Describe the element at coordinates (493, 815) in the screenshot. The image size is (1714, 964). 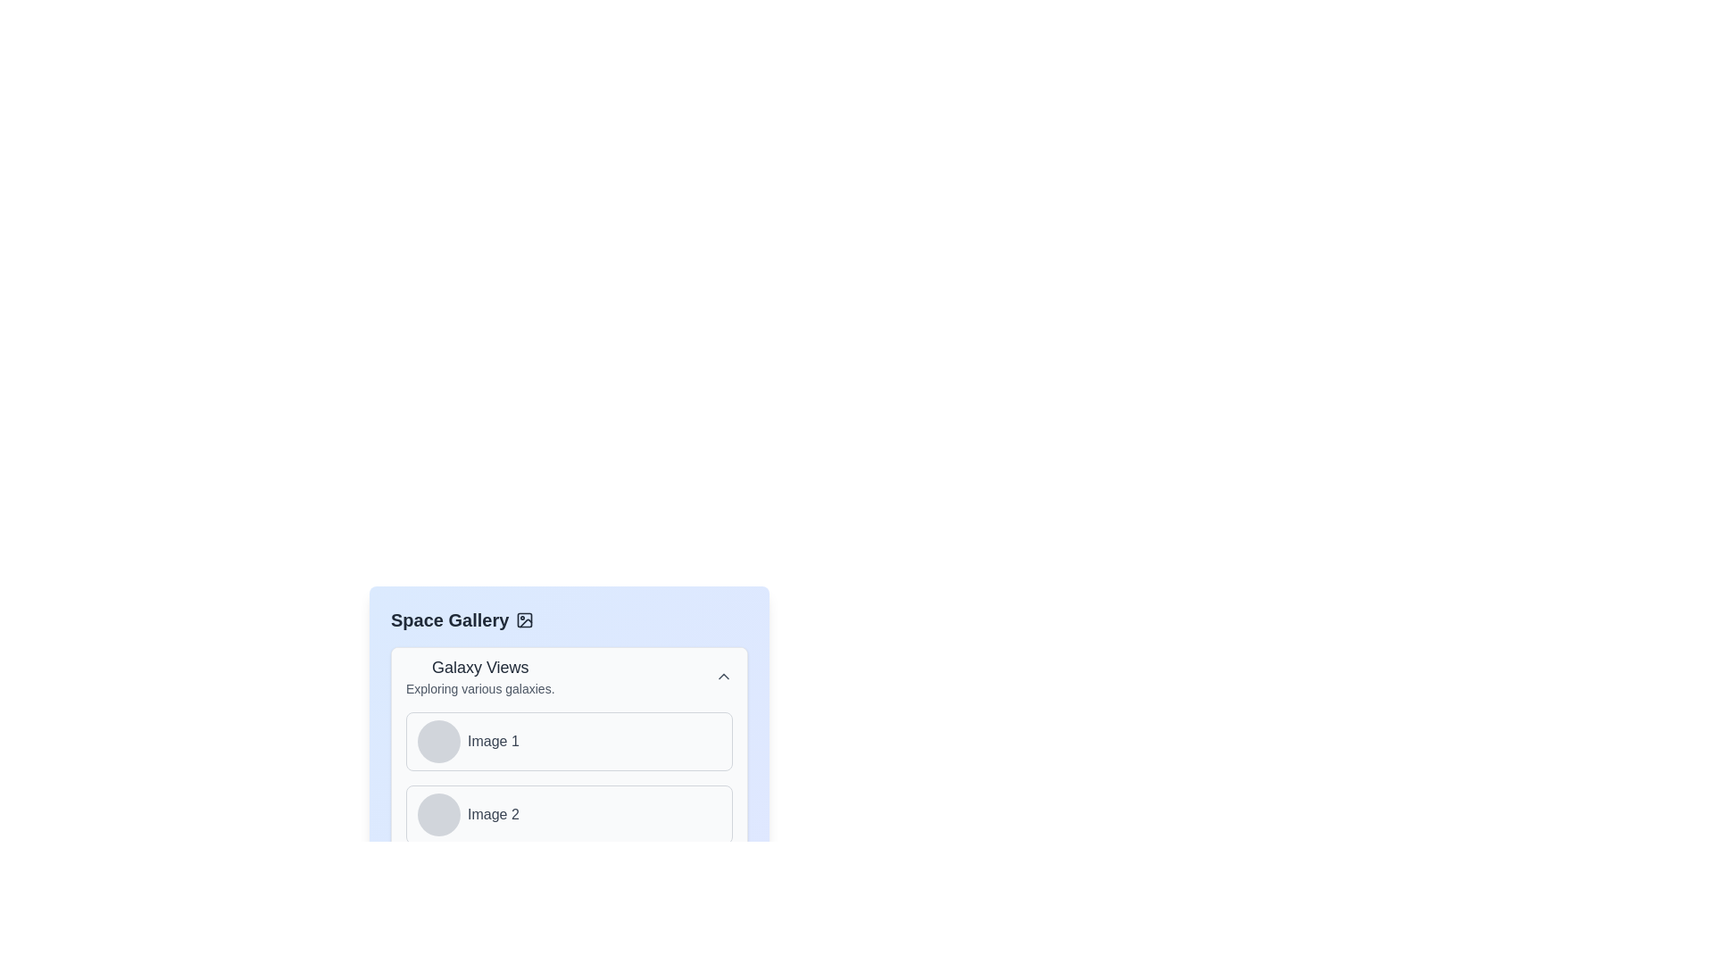
I see `text label element displaying 'Image 2', which is styled in medium gray color and located in the second row adjacent to a circular icon` at that location.